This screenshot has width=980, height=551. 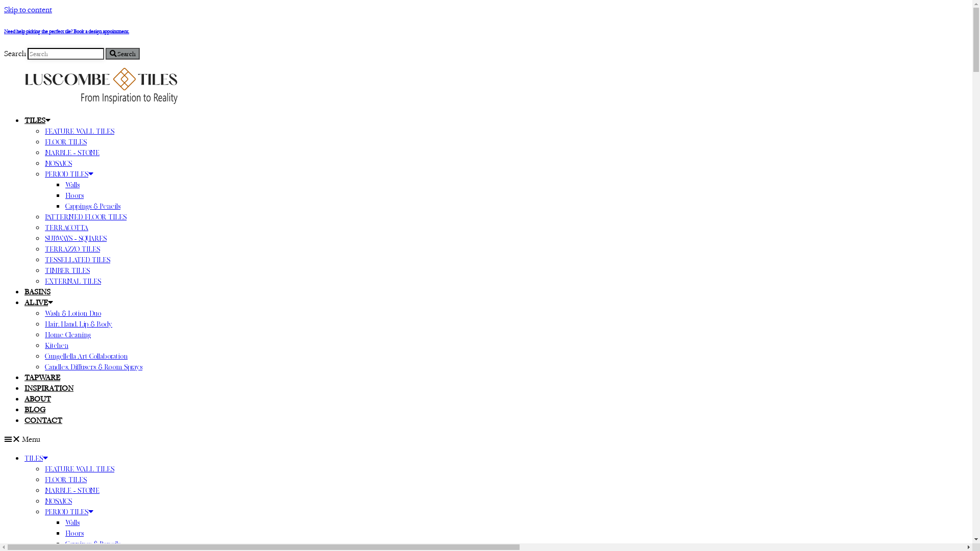 What do you see at coordinates (24, 409) in the screenshot?
I see `'BLOG'` at bounding box center [24, 409].